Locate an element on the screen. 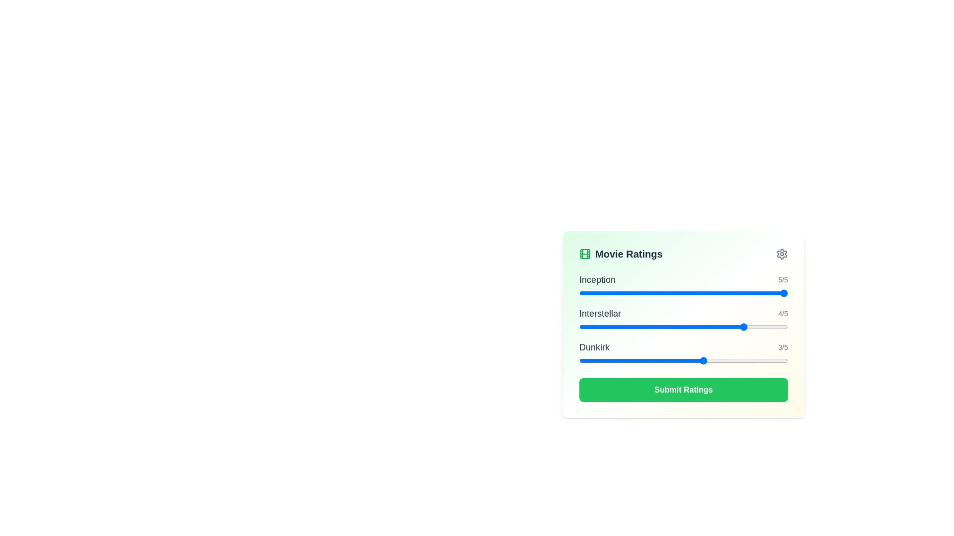 The height and width of the screenshot is (536, 954). the rating for 'Inception' is located at coordinates (704, 292).